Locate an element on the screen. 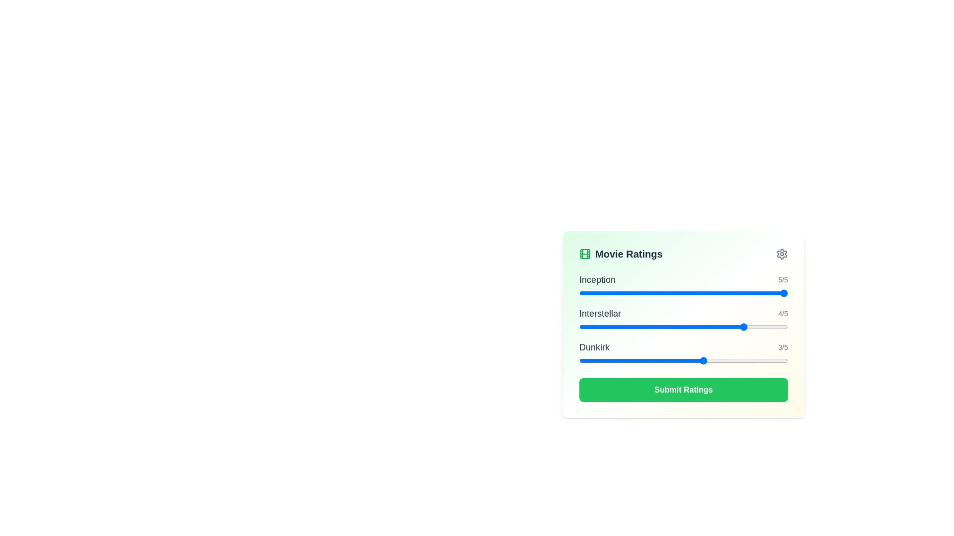 The height and width of the screenshot is (536, 954). the rating for 'Inception' is located at coordinates (704, 292).